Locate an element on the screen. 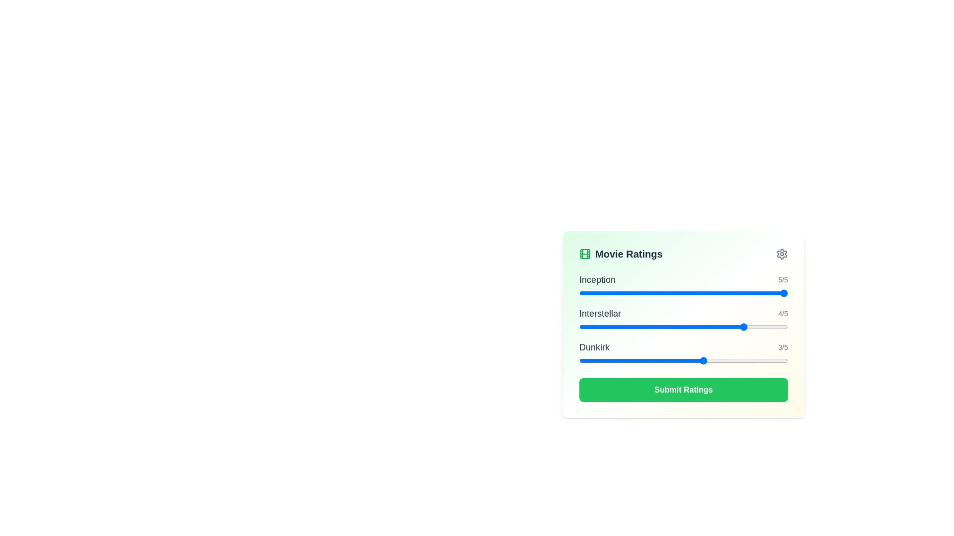 The height and width of the screenshot is (536, 954). the rating for 'Inception' is located at coordinates (704, 292).